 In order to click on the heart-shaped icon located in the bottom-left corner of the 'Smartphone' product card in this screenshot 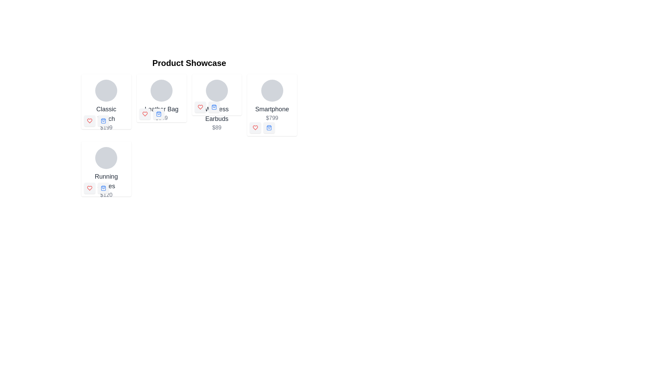, I will do `click(255, 127)`.